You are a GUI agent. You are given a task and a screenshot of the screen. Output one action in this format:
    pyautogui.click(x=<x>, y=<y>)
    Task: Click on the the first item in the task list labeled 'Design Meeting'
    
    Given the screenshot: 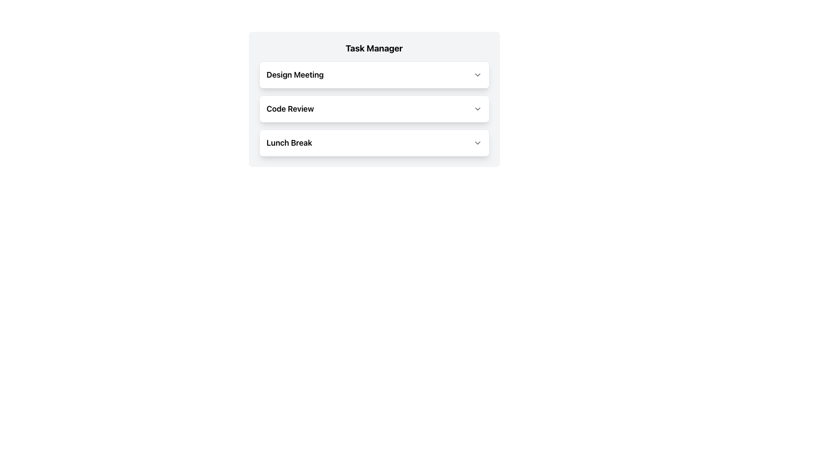 What is the action you would take?
    pyautogui.click(x=374, y=75)
    